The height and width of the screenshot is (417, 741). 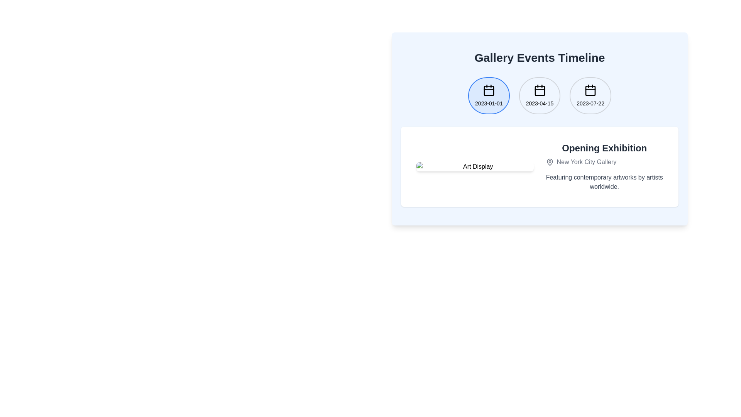 I want to click on text label indicating the date associated with the calendar icon located in the second circle of the horizontal list of event indicators in the Gallery Events Timeline panel, so click(x=539, y=103).